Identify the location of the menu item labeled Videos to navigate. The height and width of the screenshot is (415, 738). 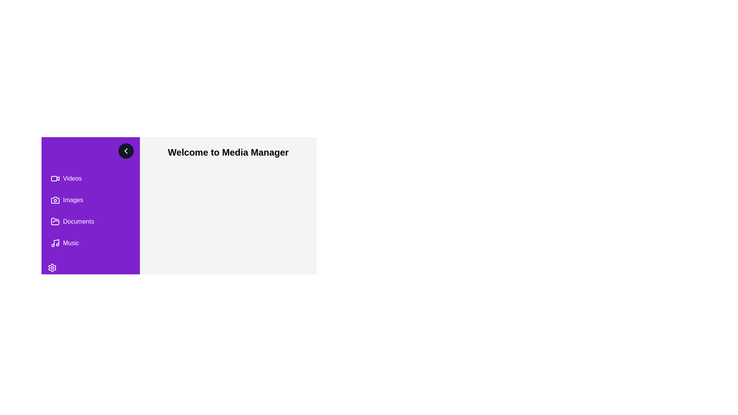
(90, 179).